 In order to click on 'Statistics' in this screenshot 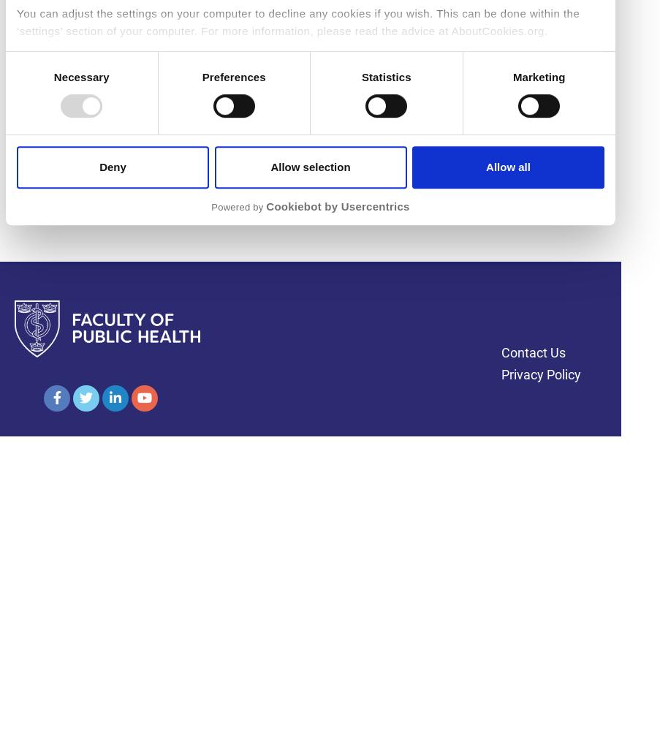, I will do `click(384, 76)`.